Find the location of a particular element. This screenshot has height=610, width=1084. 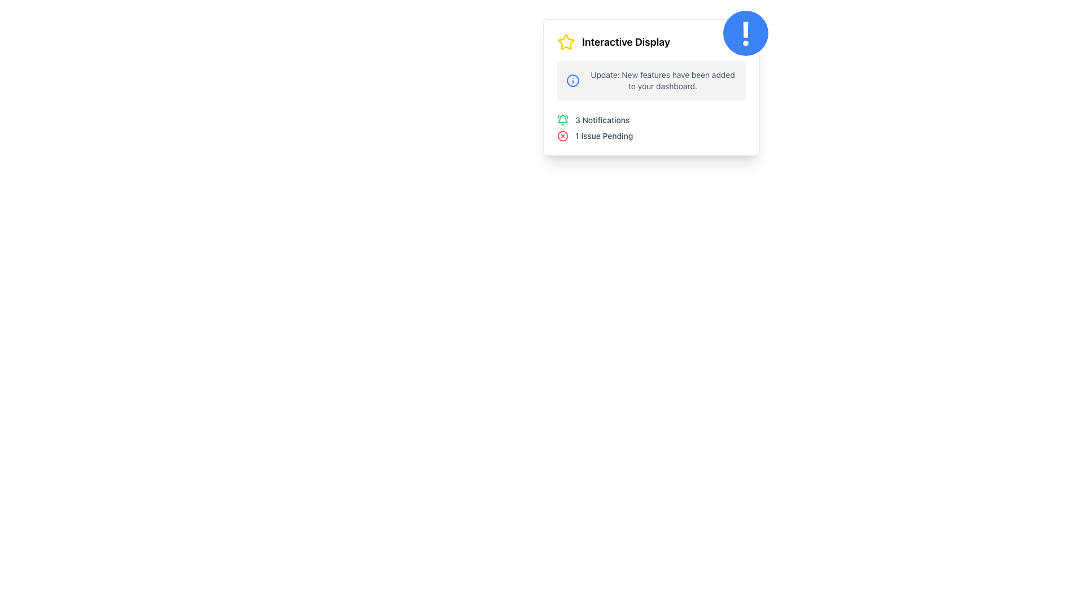

the bell icon located at the top-left corner of the notifications group is located at coordinates (563, 120).